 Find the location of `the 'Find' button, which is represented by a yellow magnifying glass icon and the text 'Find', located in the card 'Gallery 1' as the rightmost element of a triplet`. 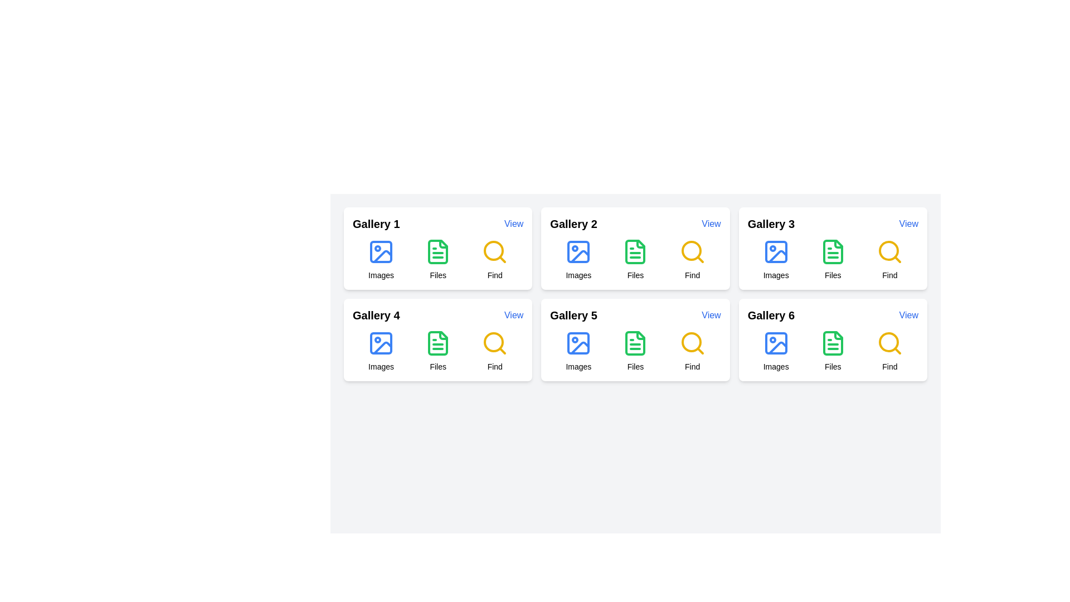

the 'Find' button, which is represented by a yellow magnifying glass icon and the text 'Find', located in the card 'Gallery 1' as the rightmost element of a triplet is located at coordinates (494, 260).